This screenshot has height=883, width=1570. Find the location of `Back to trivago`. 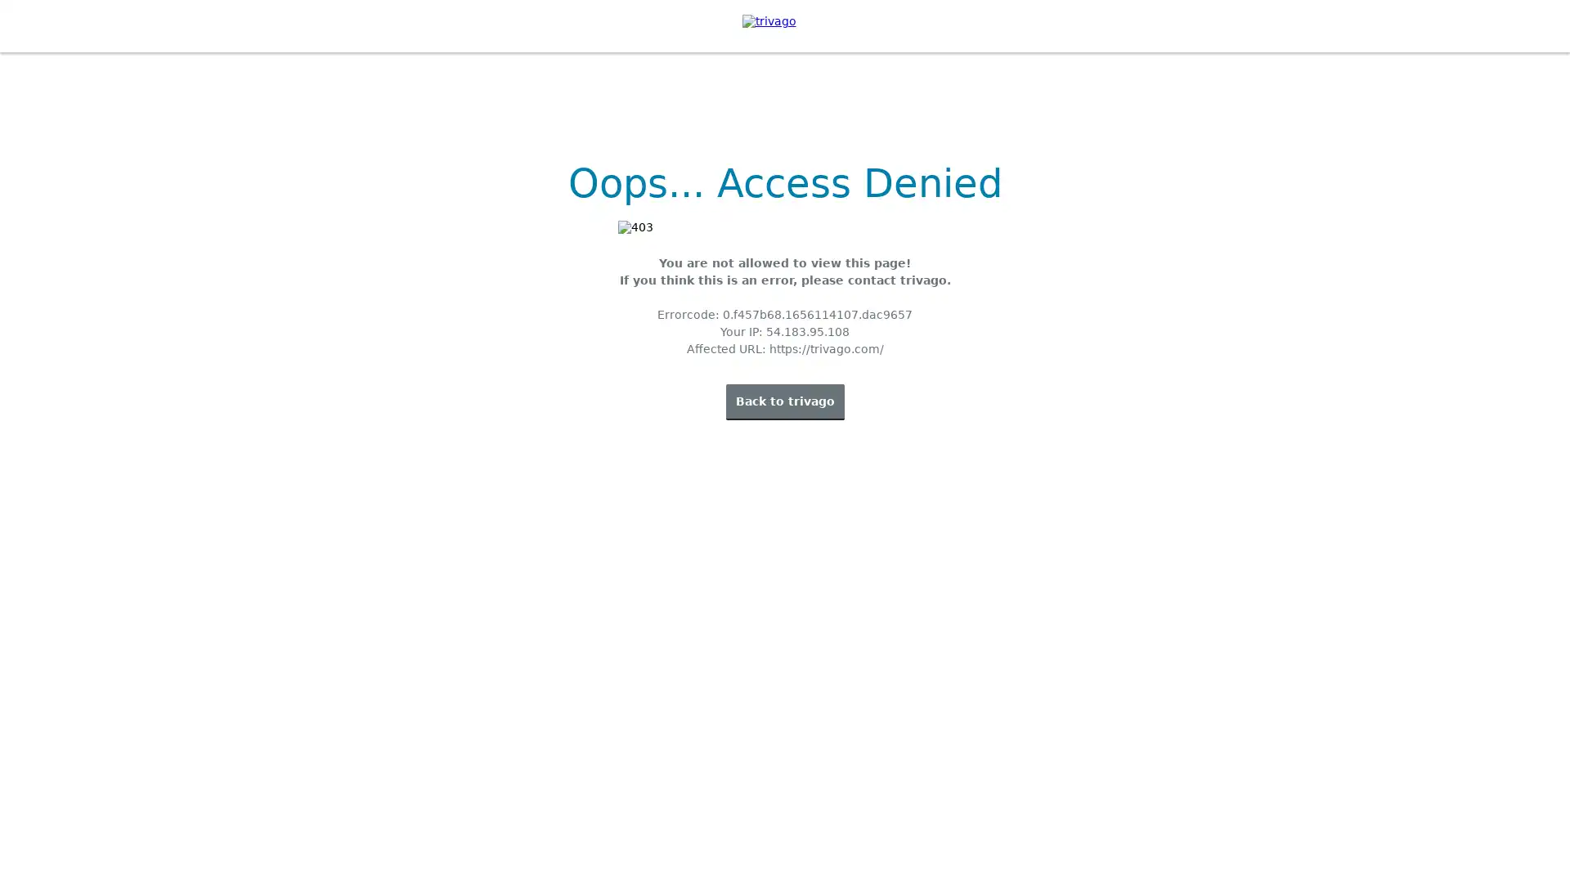

Back to trivago is located at coordinates (783, 401).